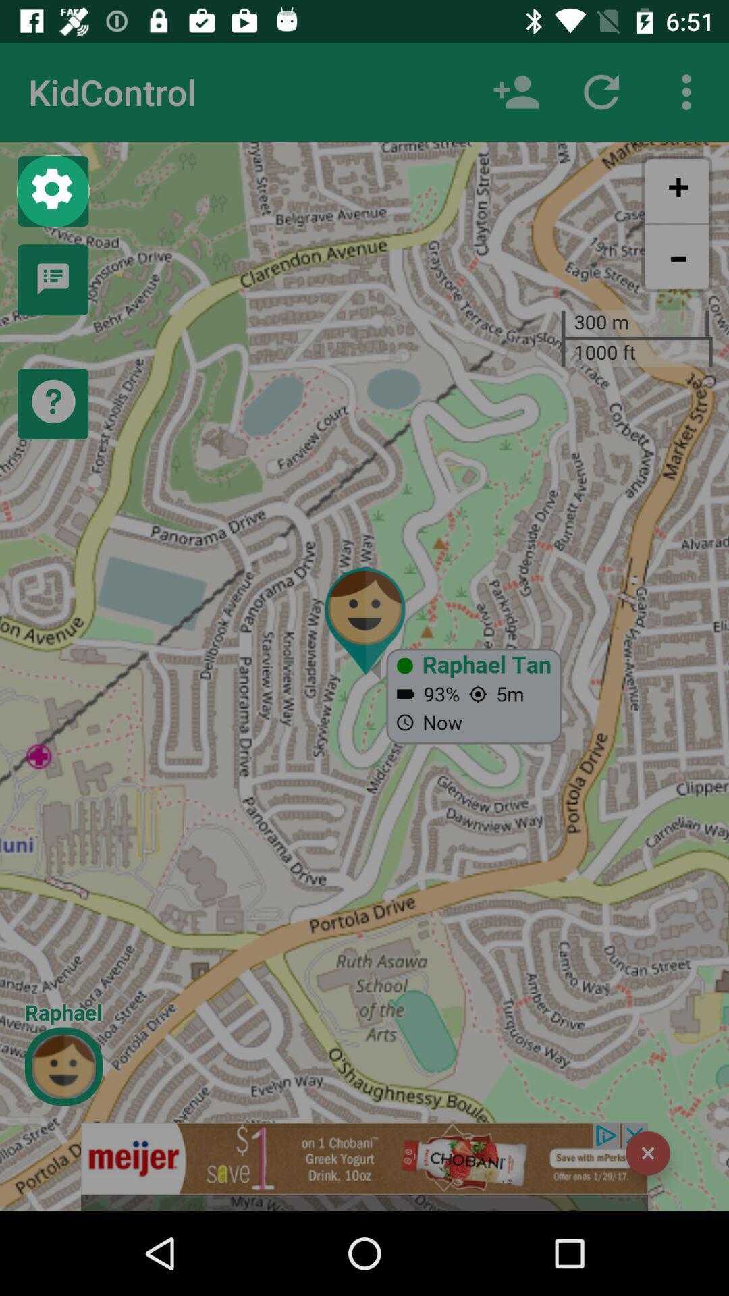 The image size is (729, 1296). Describe the element at coordinates (364, 1166) in the screenshot. I see `advertisement` at that location.